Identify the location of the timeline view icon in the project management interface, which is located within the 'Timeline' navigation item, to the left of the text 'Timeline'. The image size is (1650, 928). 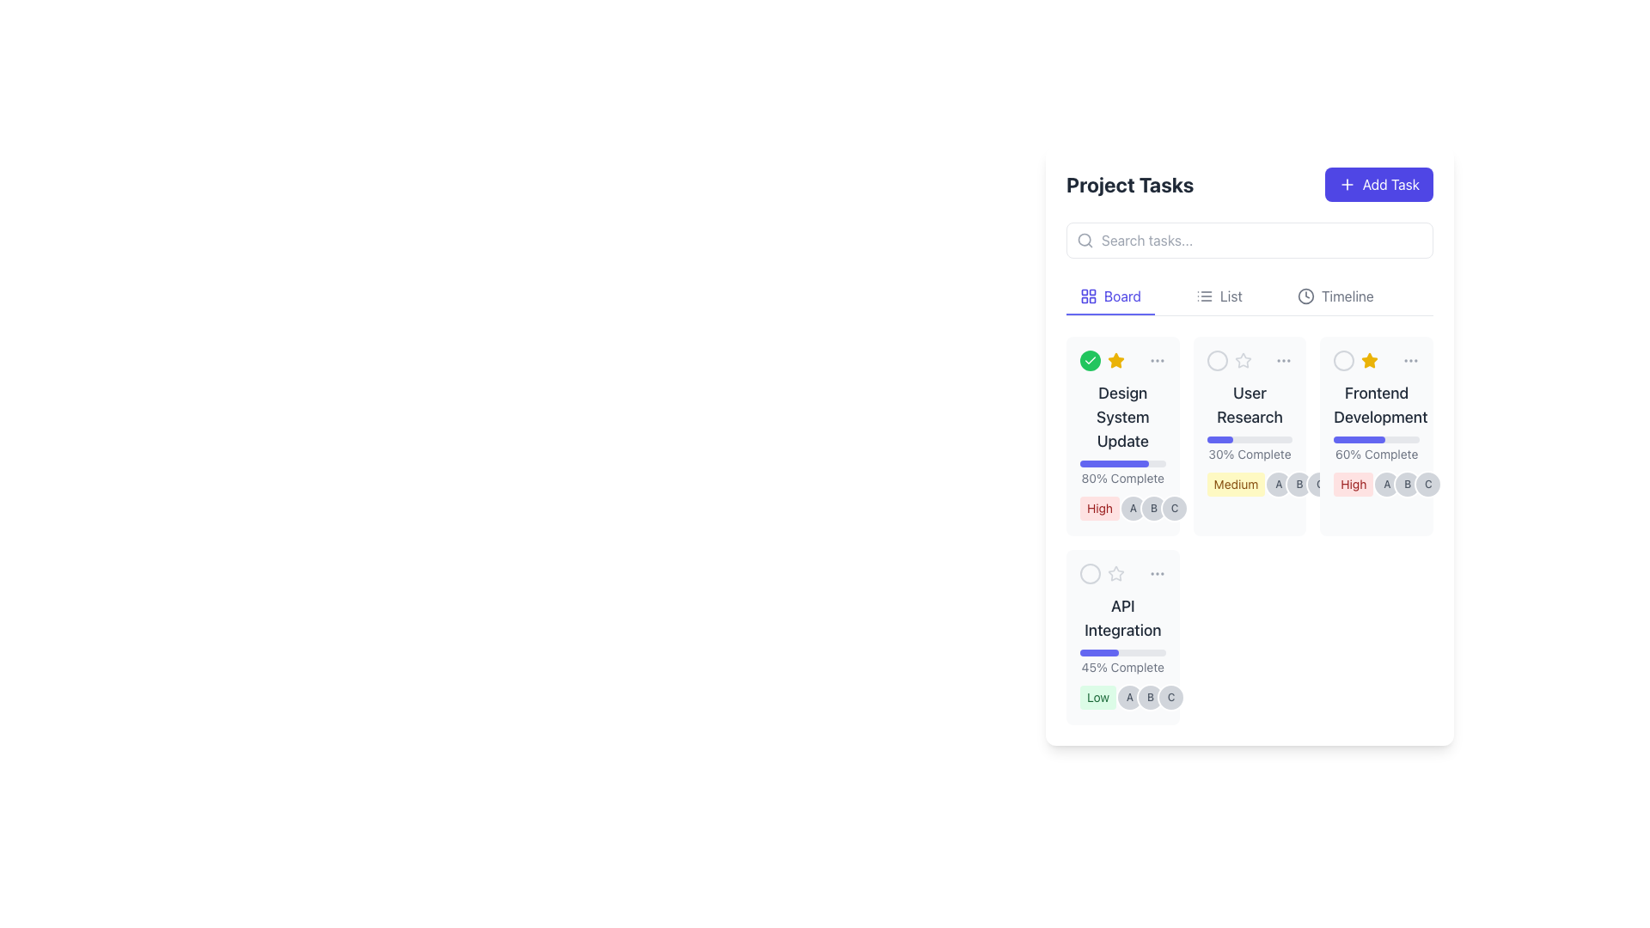
(1305, 295).